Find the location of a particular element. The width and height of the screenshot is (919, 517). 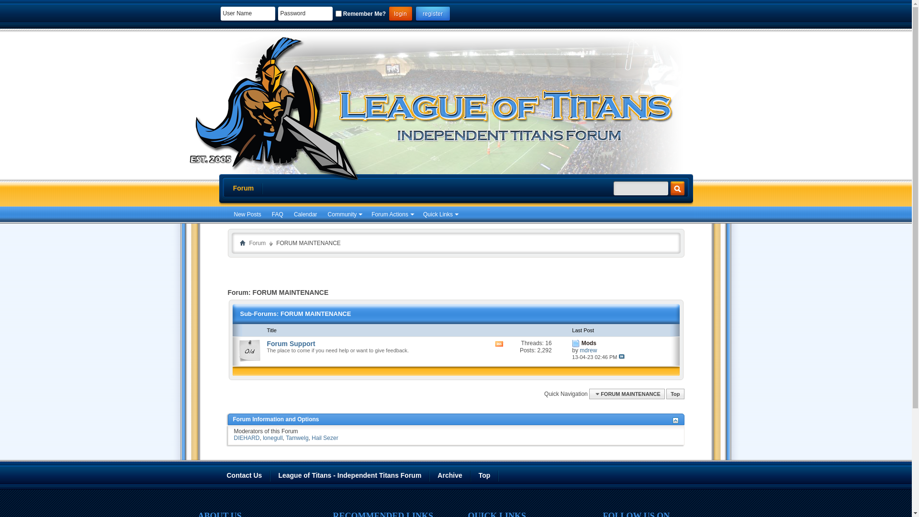

'Forum Support' is located at coordinates (291, 343).